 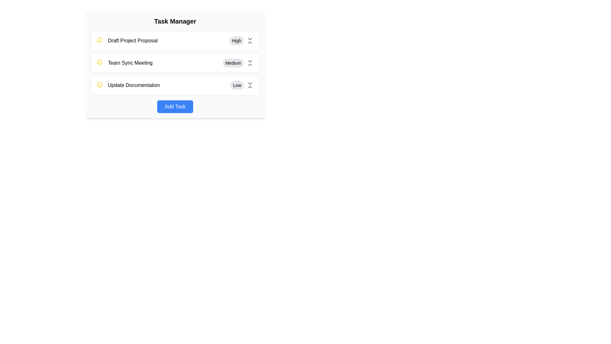 What do you see at coordinates (238, 63) in the screenshot?
I see `the 'Medium' interactive dropdown label, which has a light gray background and a downward-facing arrow, located in the upper-right section of the 'Team Sync Meeting' task block` at bounding box center [238, 63].